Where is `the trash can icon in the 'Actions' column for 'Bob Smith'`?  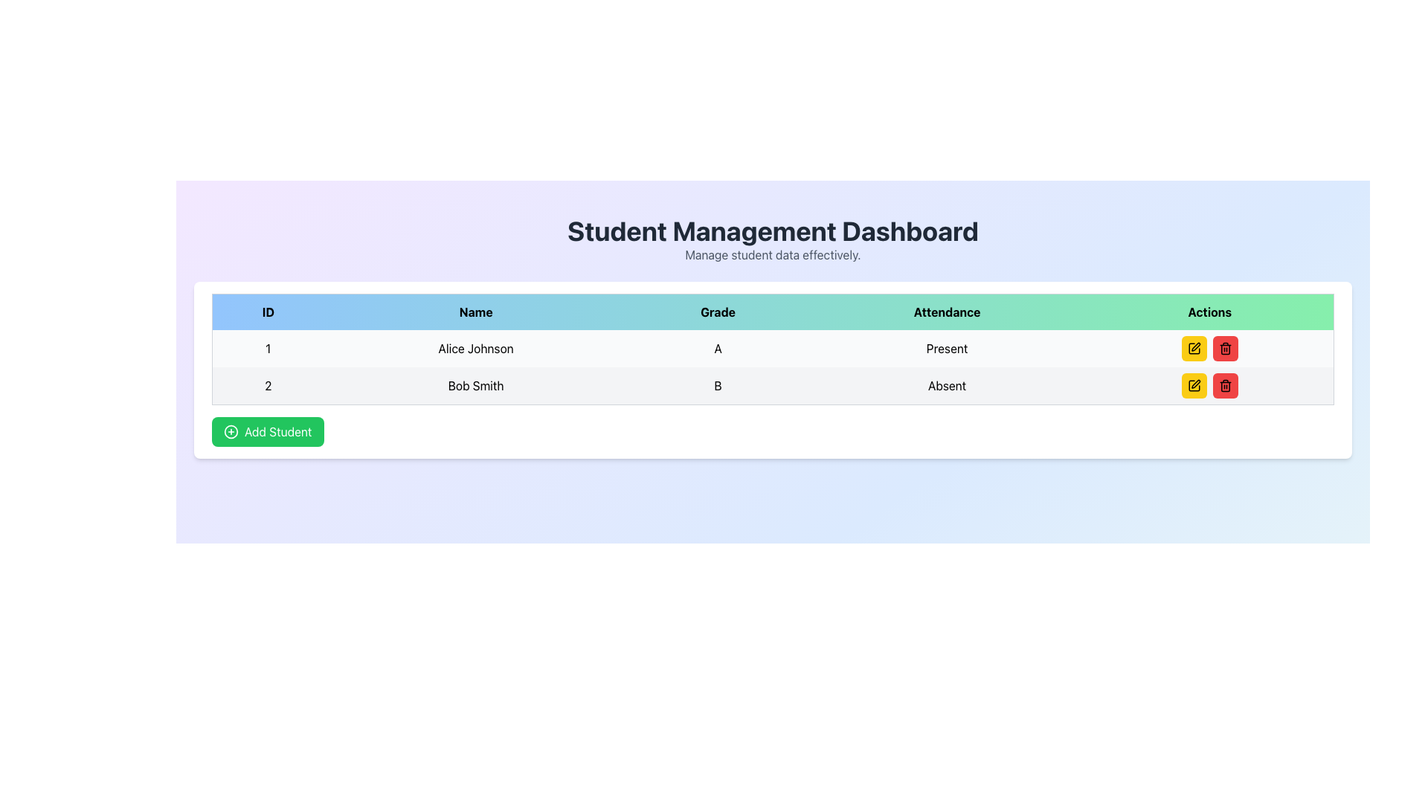
the trash can icon in the 'Actions' column for 'Bob Smith' is located at coordinates (1225, 349).